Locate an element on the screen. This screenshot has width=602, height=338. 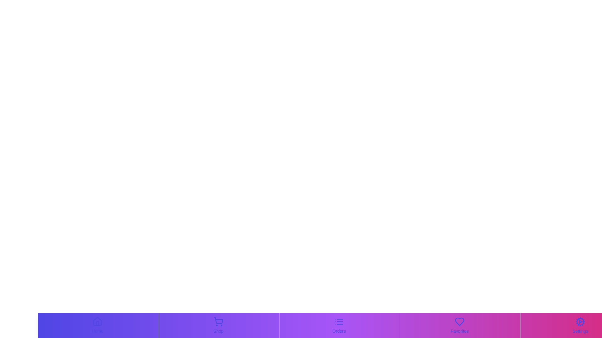
the Orders tab by clicking on its corresponding button is located at coordinates (338, 325).